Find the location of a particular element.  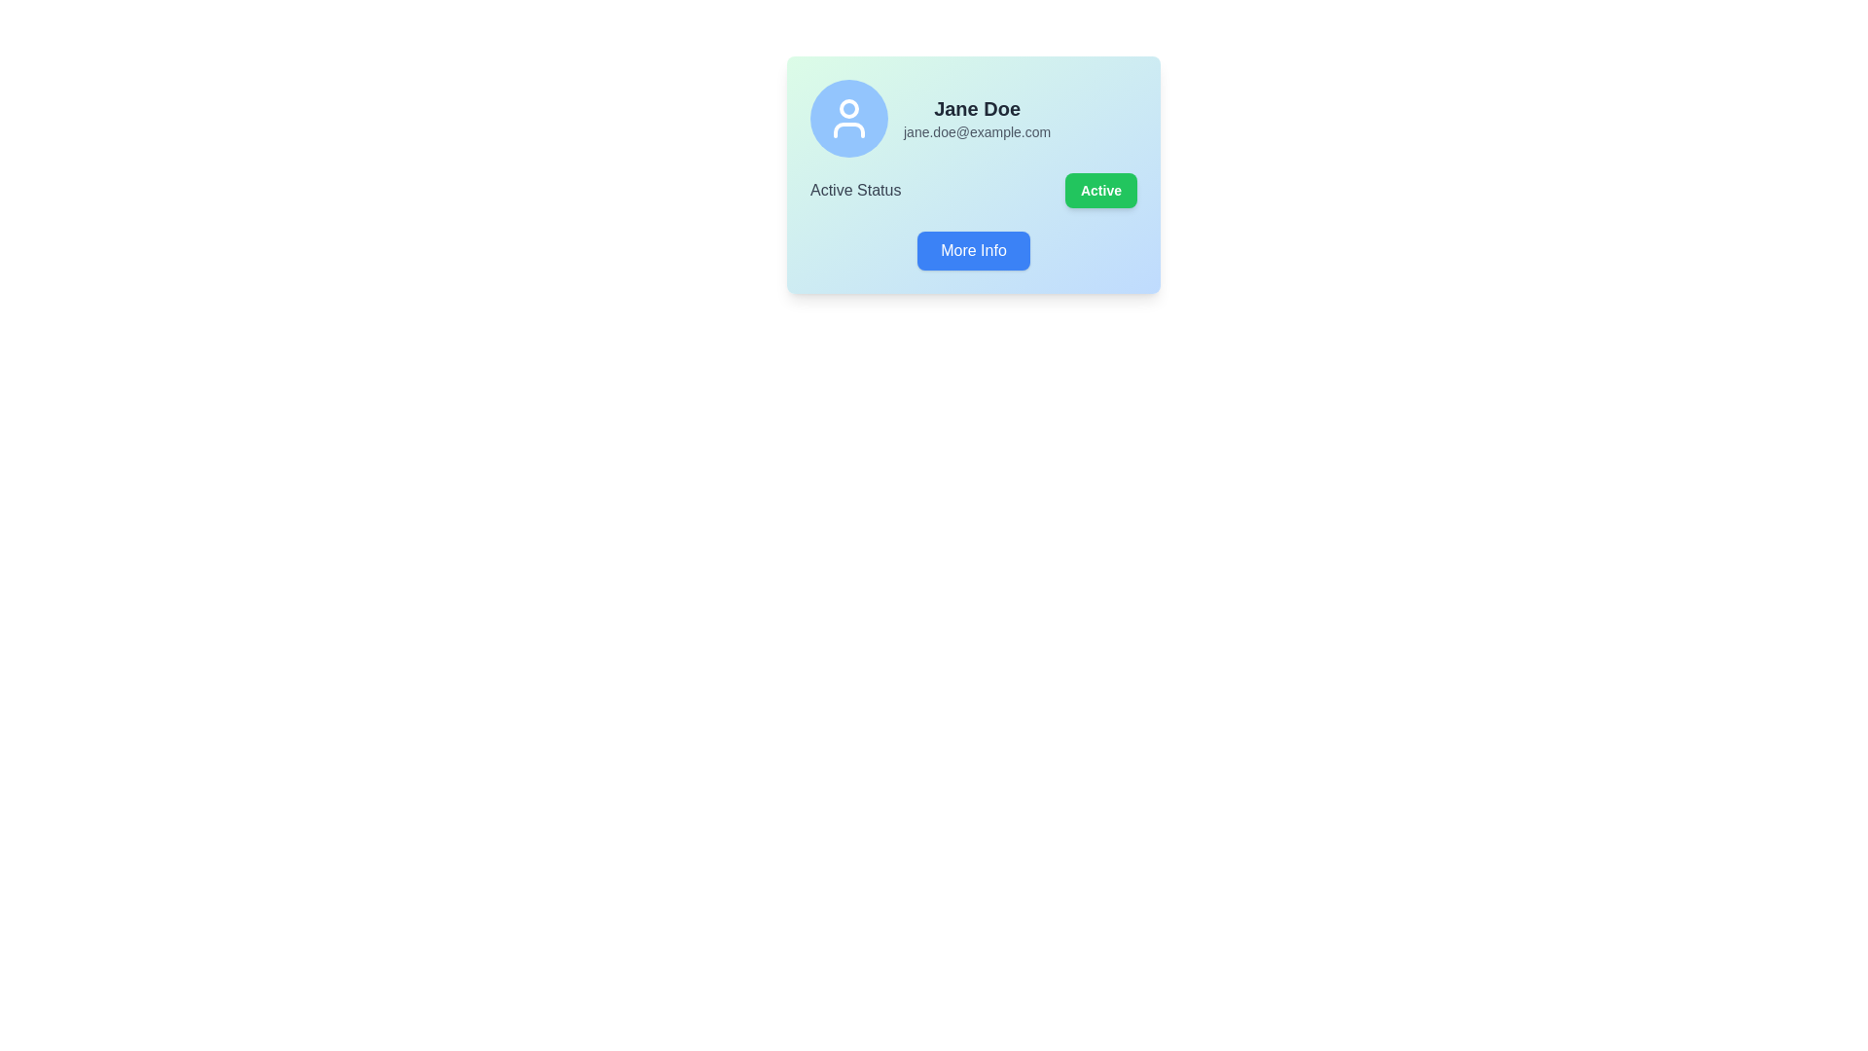

the composite element displaying the blue icon with a user silhouette and the text 'Jane Doe' and 'jane.doe@example.com' is located at coordinates (974, 119).